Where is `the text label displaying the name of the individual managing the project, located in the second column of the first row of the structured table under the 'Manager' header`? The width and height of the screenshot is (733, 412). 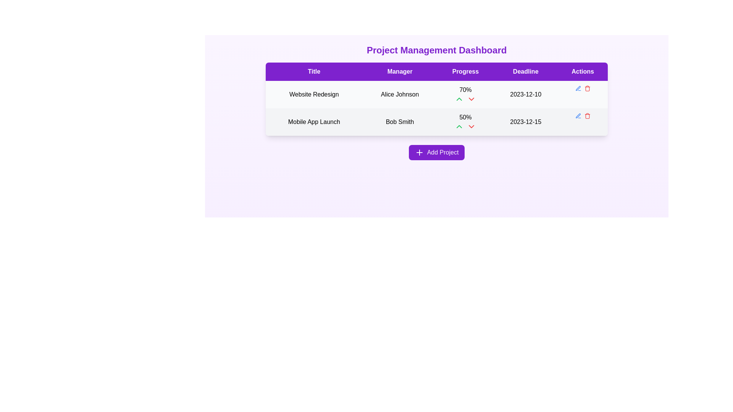
the text label displaying the name of the individual managing the project, located in the second column of the first row of the structured table under the 'Manager' header is located at coordinates (399, 94).